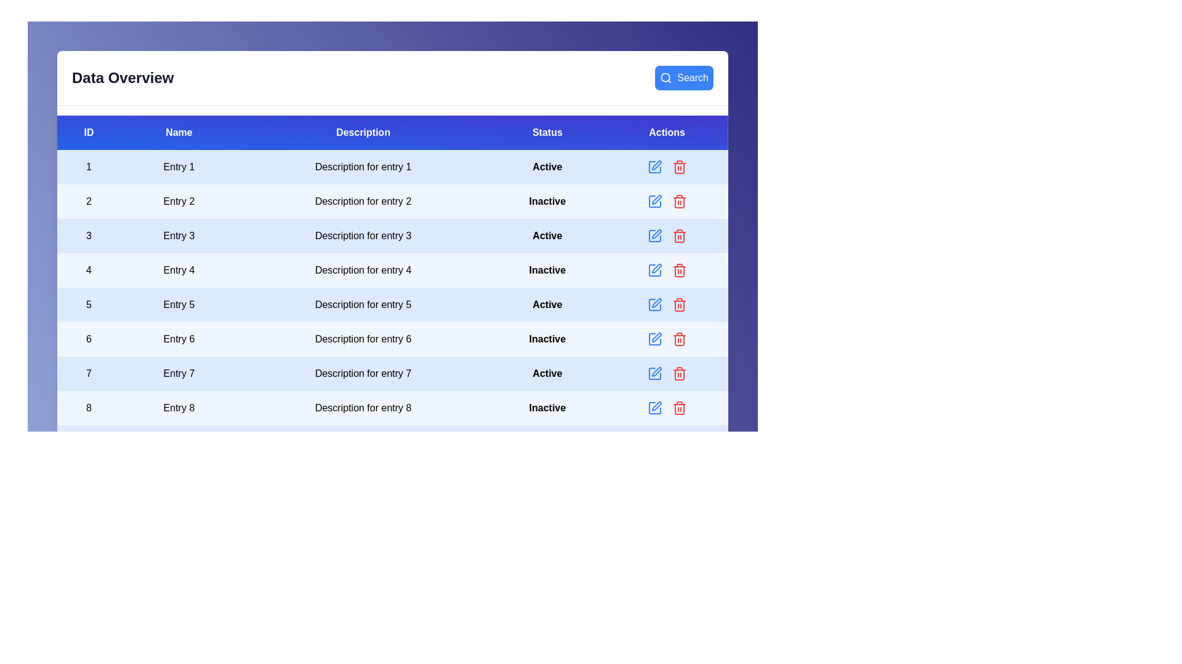  I want to click on the header of the column 'Actions' to sort it, so click(666, 133).